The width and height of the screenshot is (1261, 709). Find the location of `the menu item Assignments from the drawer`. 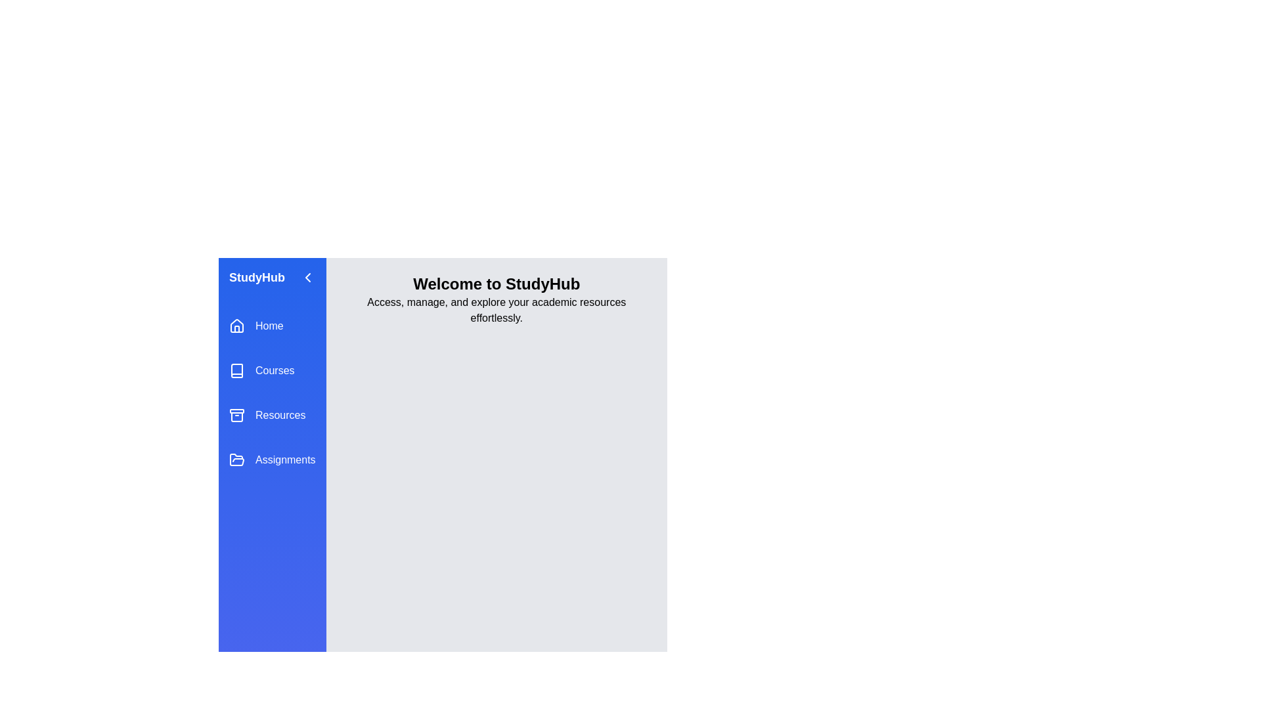

the menu item Assignments from the drawer is located at coordinates (271, 460).